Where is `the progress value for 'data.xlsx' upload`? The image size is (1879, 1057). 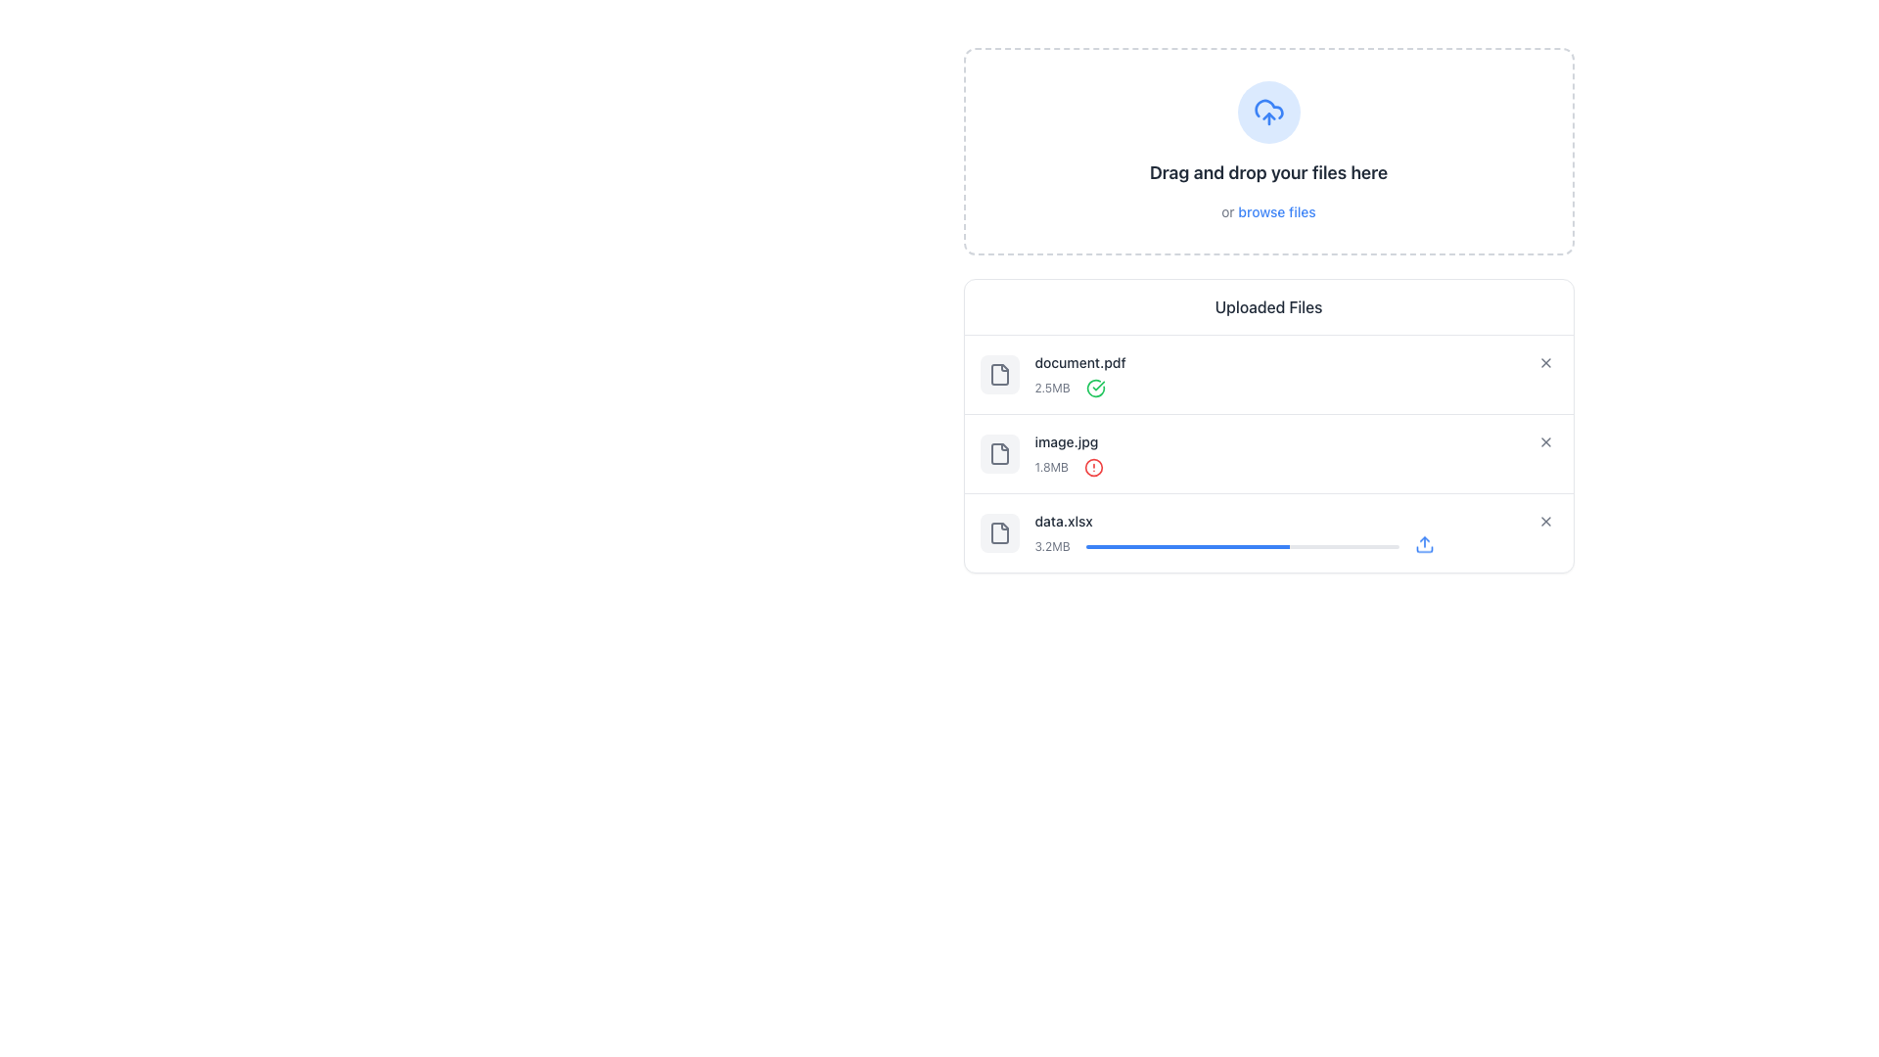 the progress value for 'data.xlsx' upload is located at coordinates (1088, 547).